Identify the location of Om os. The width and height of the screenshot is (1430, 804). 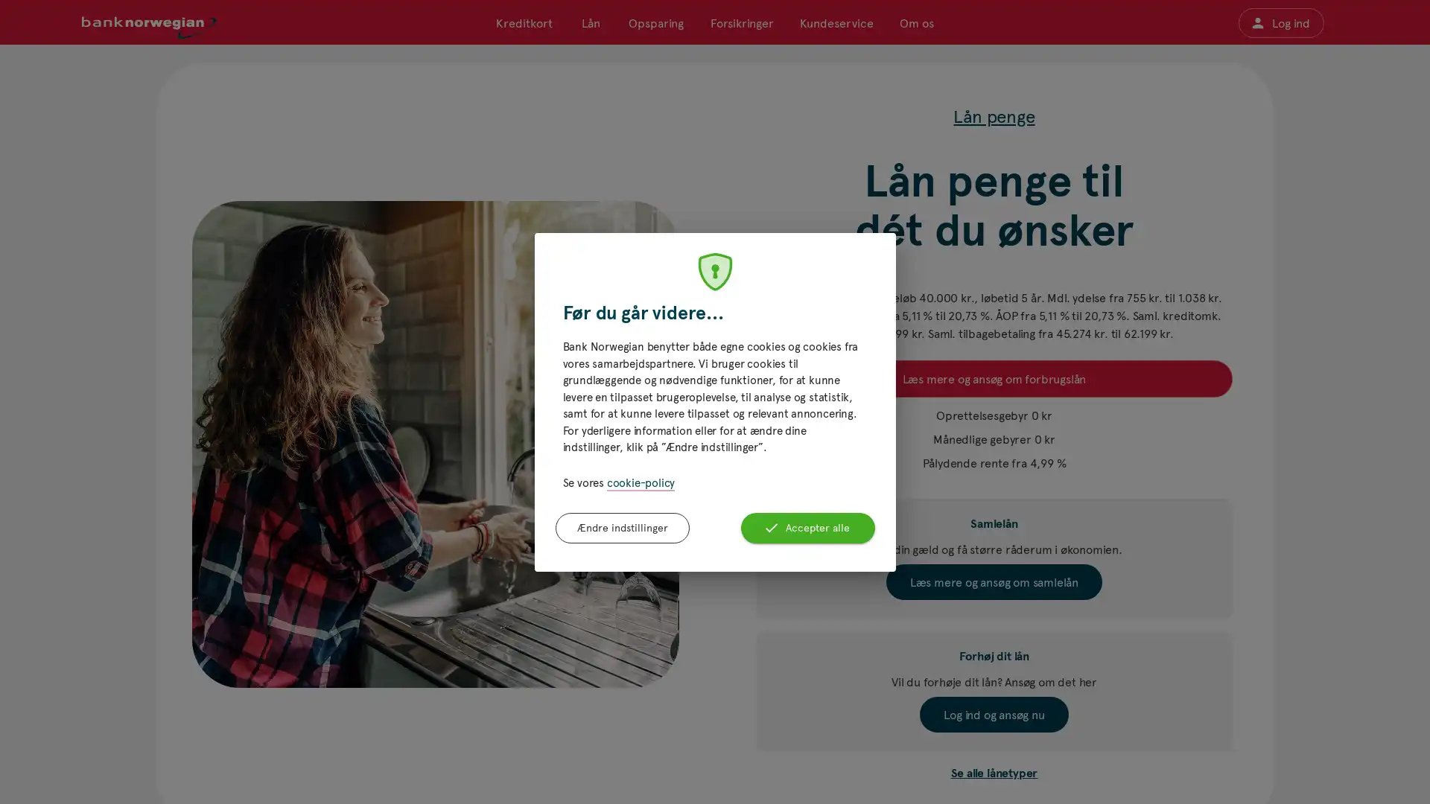
(915, 22).